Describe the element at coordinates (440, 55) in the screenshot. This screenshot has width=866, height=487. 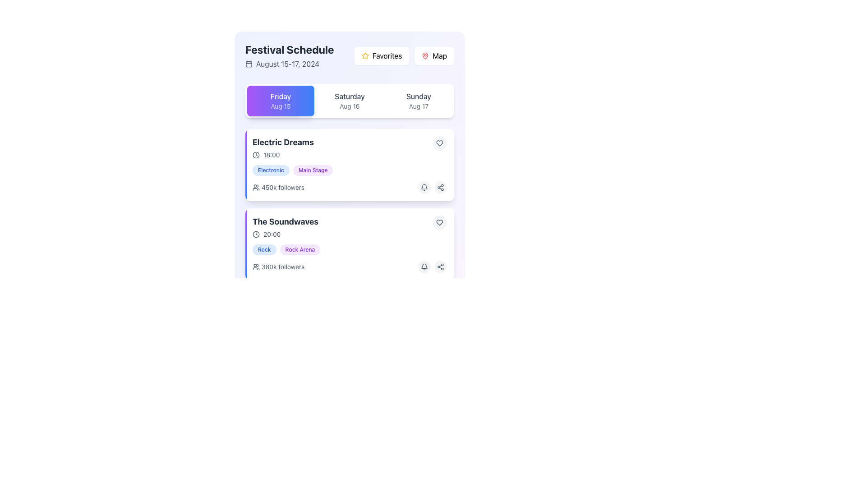
I see `the 'Map' text label located in the top-right corner of the interface header, adjacent to the 'Favorites' button` at that location.